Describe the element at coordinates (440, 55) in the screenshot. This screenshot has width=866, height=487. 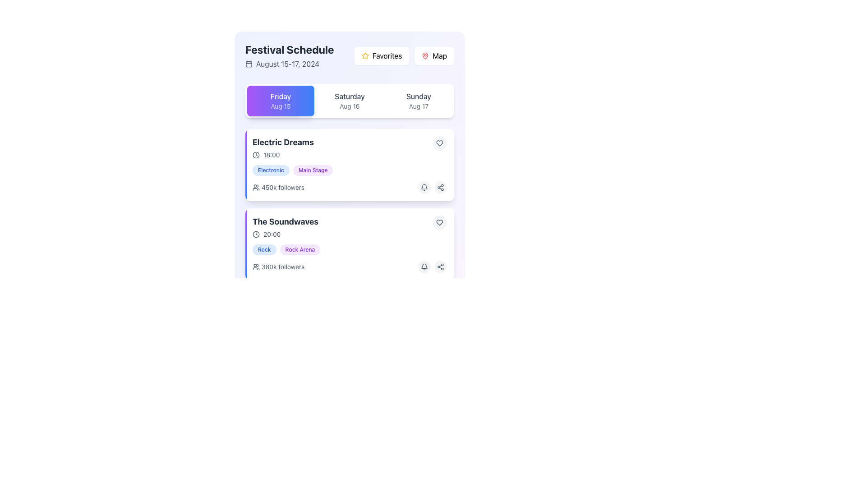
I see `the 'Map' text label located in the top-right corner of the interface header, adjacent to the 'Favorites' button` at that location.